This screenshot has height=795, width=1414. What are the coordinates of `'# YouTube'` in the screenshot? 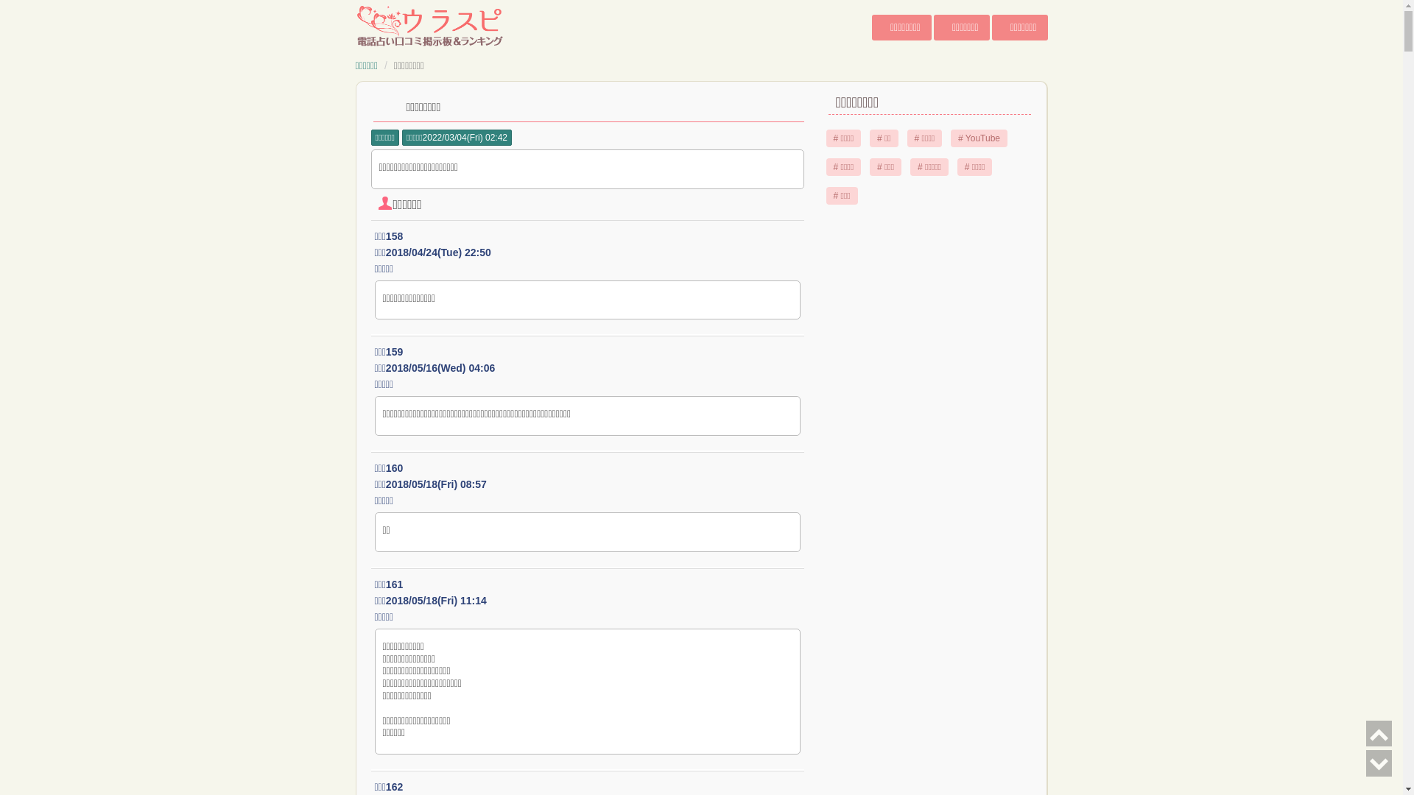 It's located at (979, 138).